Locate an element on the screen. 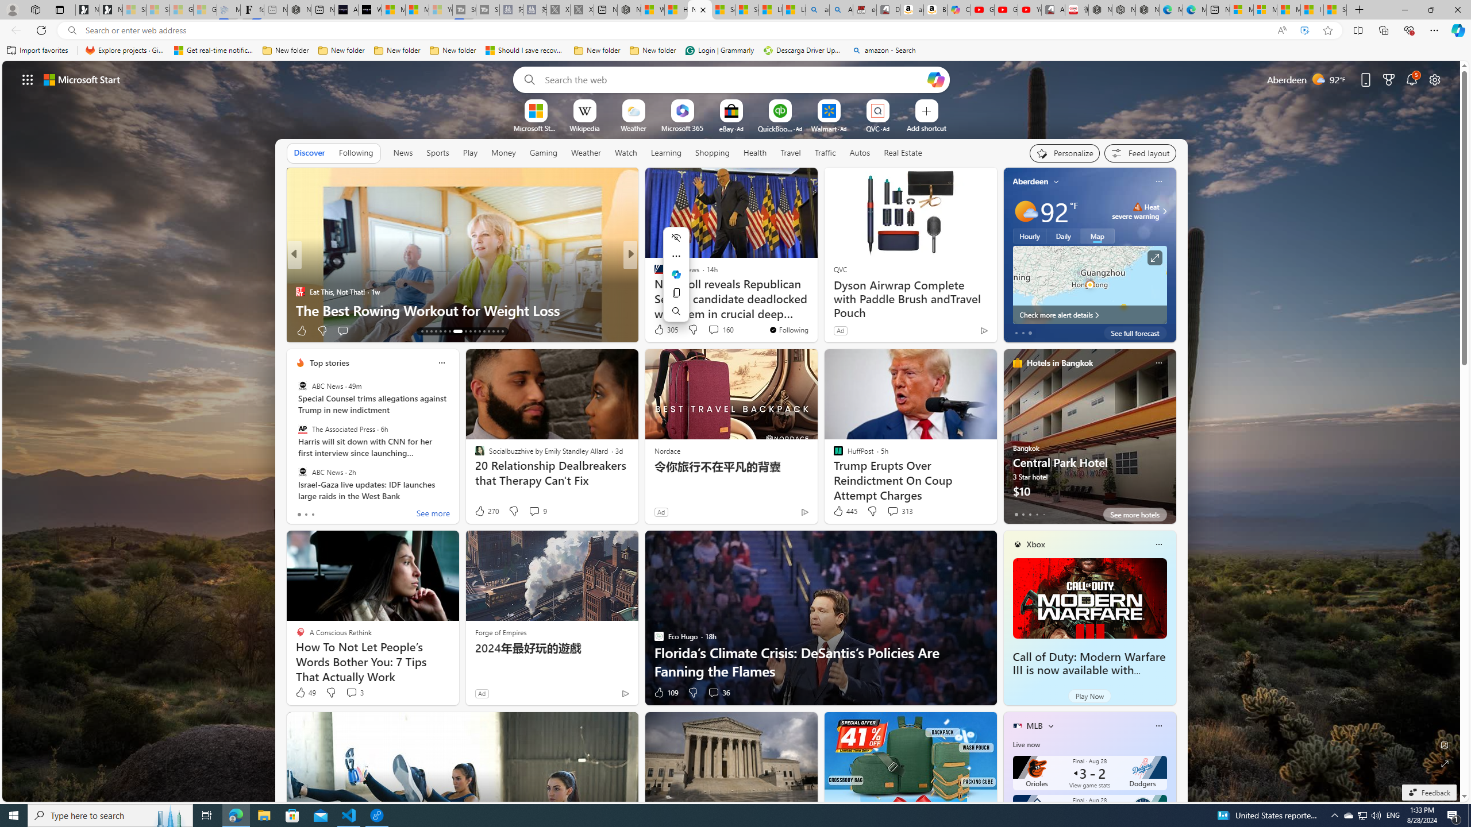  'Copy' is located at coordinates (675, 292).